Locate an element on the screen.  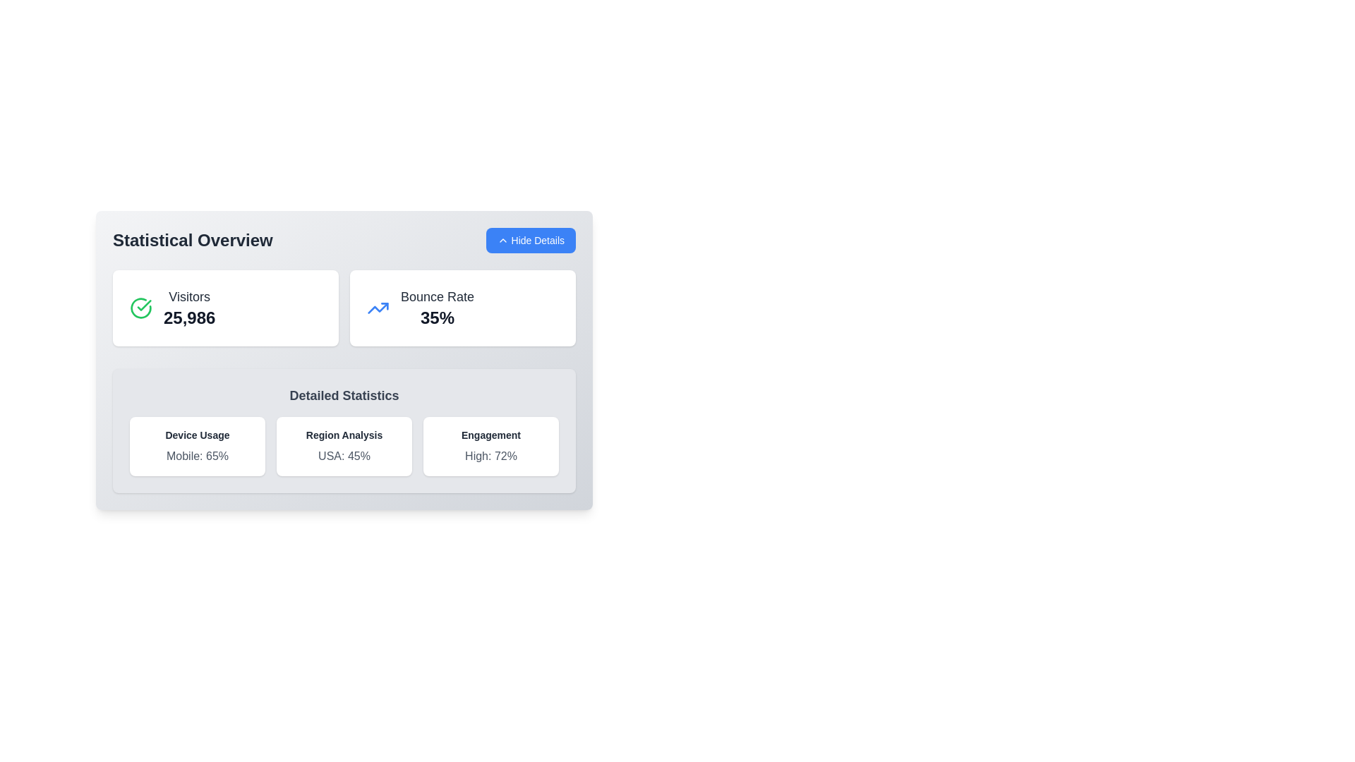
green checkmark icon that indicates a confirmed status related to the 'Visitors' data metric for developer tools is located at coordinates (144, 304).